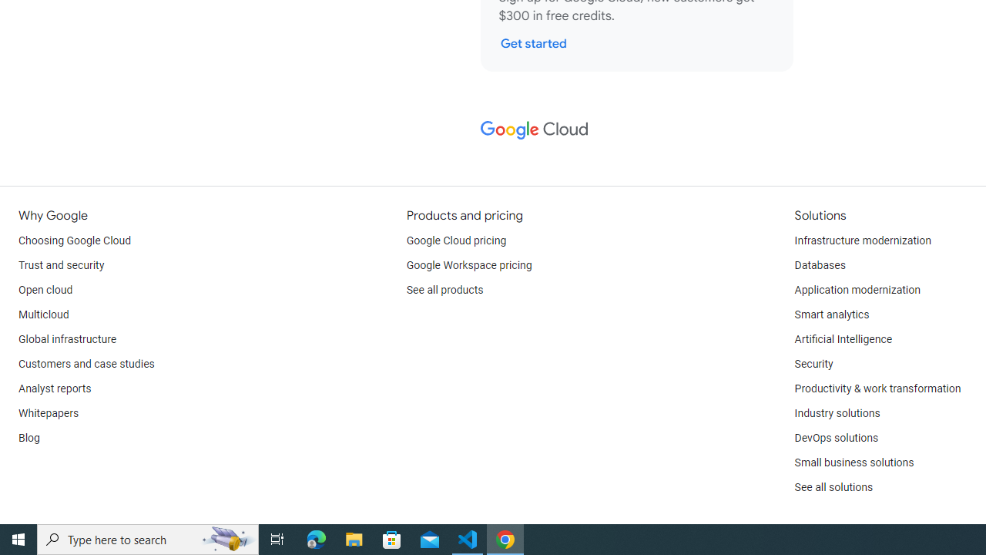 The height and width of the screenshot is (555, 986). Describe the element at coordinates (86, 365) in the screenshot. I see `'Customers and case studies'` at that location.